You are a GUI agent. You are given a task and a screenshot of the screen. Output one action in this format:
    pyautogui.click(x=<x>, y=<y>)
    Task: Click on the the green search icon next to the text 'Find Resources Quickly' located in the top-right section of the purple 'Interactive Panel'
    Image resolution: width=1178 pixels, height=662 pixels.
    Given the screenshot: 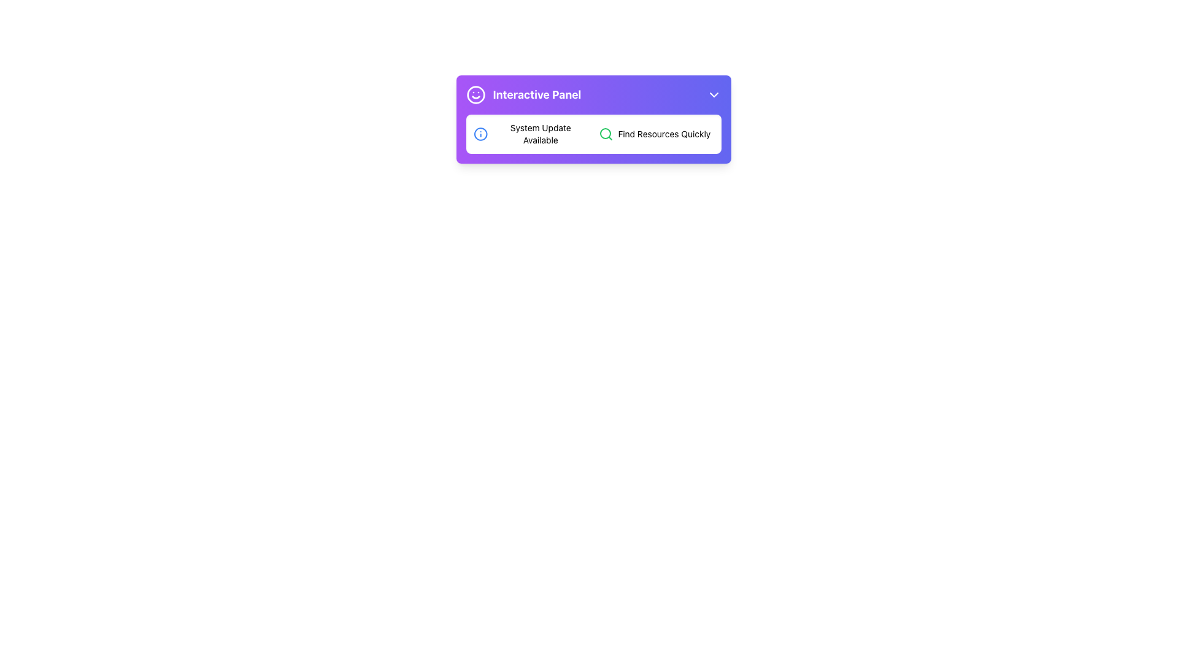 What is the action you would take?
    pyautogui.click(x=655, y=134)
    